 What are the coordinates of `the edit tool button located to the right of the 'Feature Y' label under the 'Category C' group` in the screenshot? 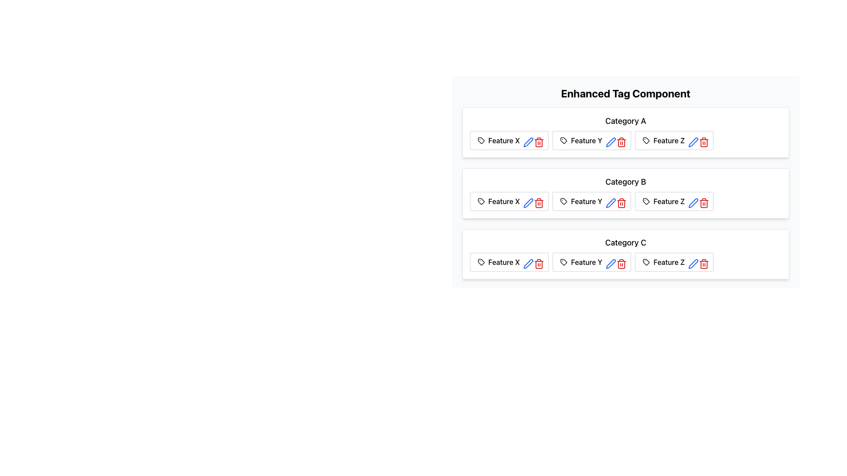 It's located at (611, 263).